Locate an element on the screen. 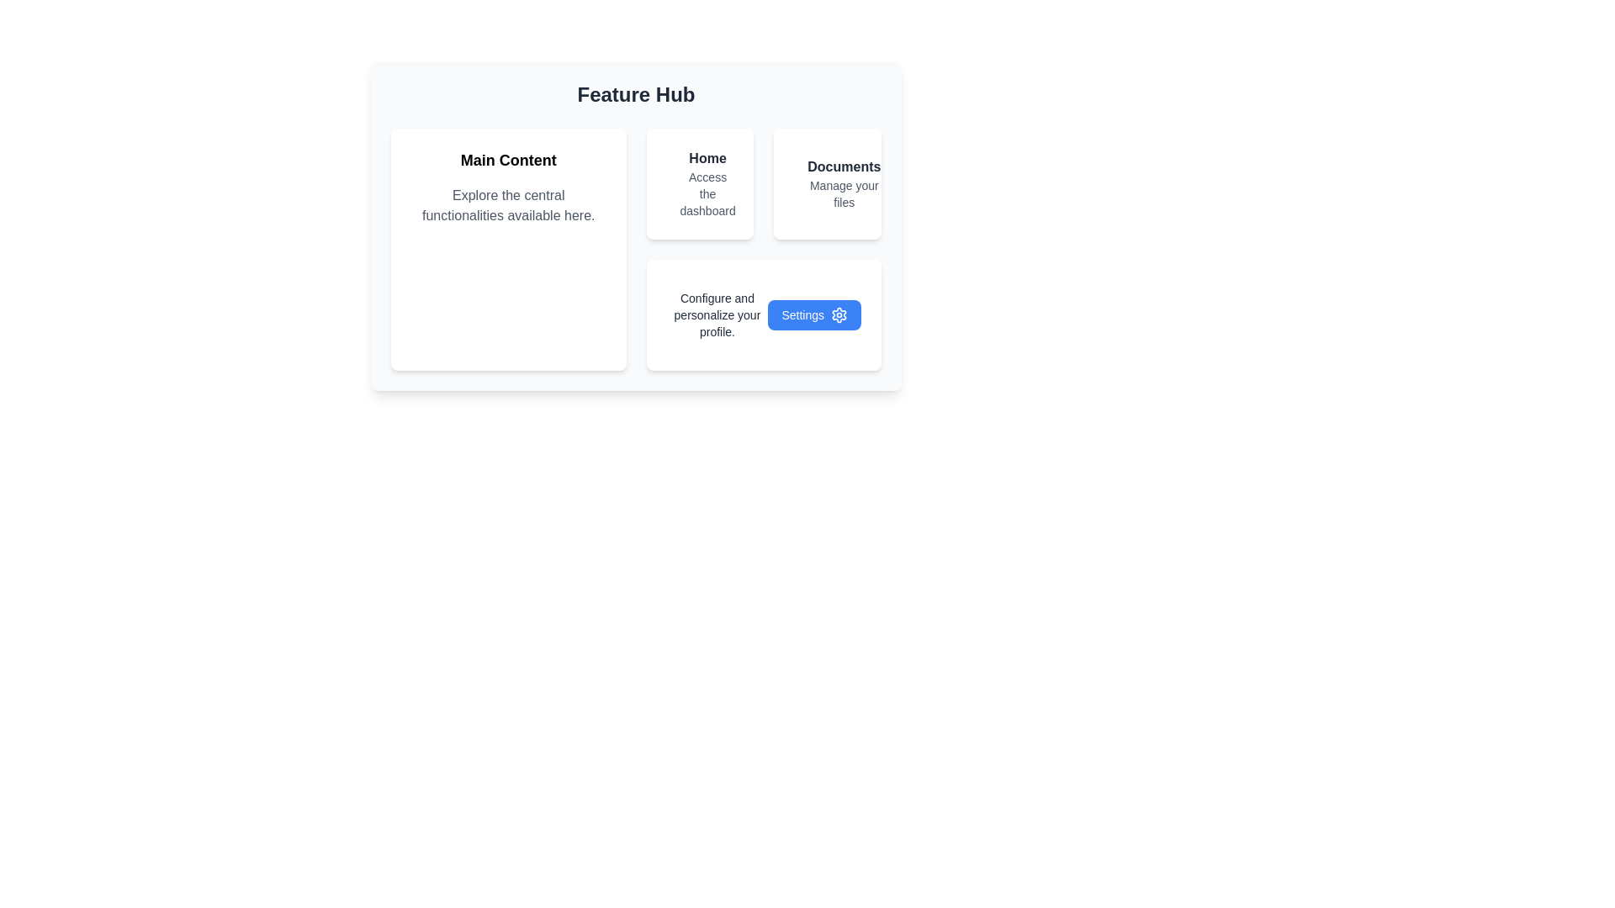 The image size is (1615, 908). descriptive text block located below the 'Main Content' heading, which provides context for the section is located at coordinates (507, 205).